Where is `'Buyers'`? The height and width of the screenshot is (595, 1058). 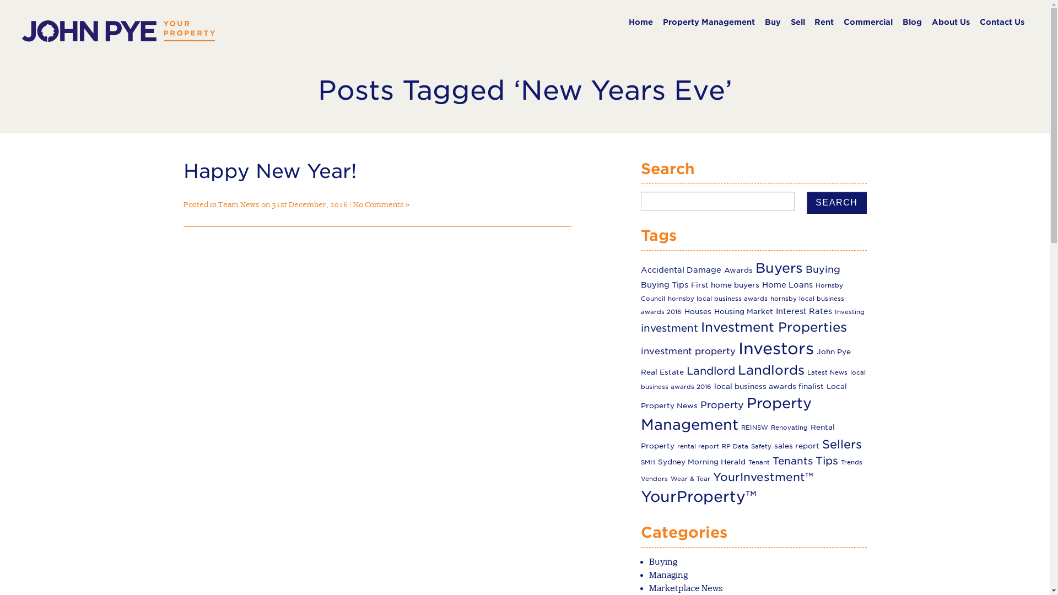
'Buyers' is located at coordinates (779, 268).